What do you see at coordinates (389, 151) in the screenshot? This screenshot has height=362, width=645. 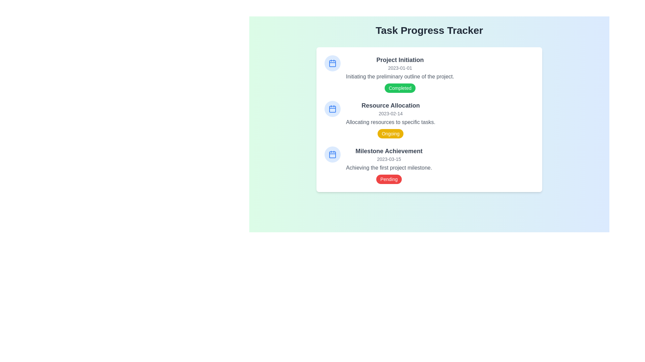 I see `text from the 'Milestone Achievement' label, which is styled in bold dark gray and is located above the date '2023-03-15' in the 'Task Progress Tracker' component` at bounding box center [389, 151].